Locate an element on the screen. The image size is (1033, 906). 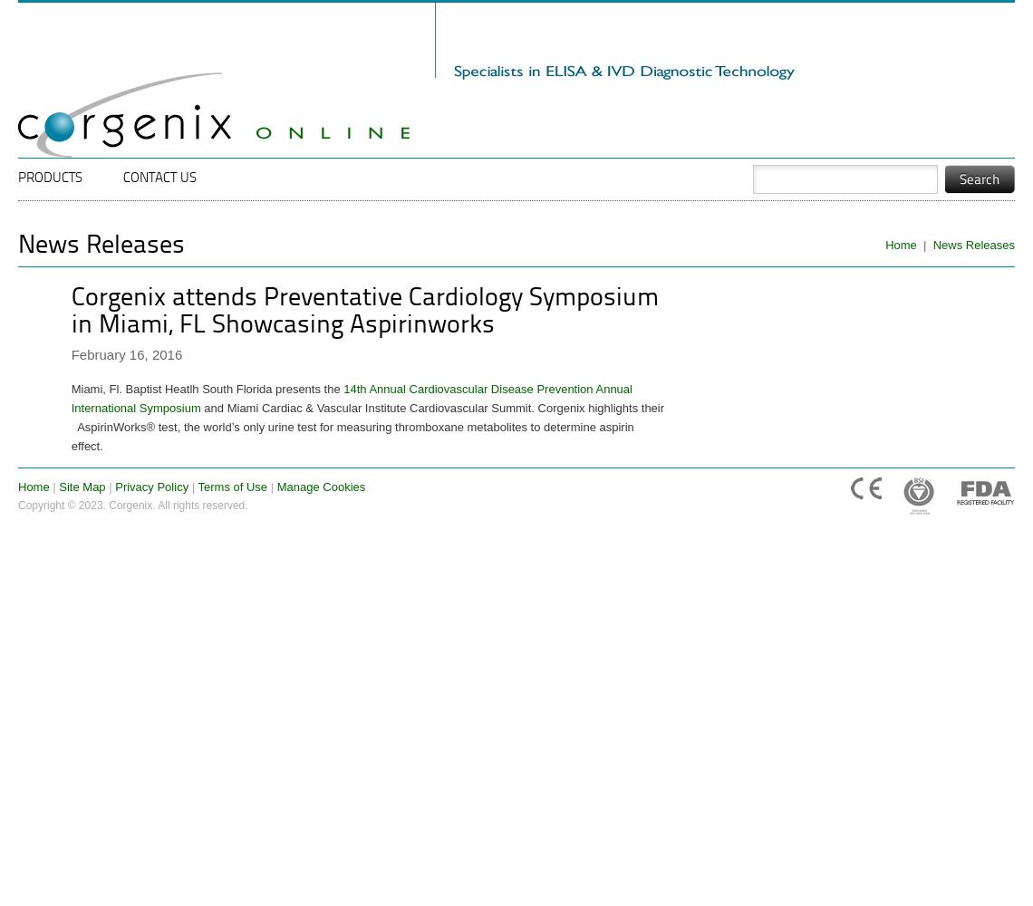
'Site Map' is located at coordinates (81, 487).